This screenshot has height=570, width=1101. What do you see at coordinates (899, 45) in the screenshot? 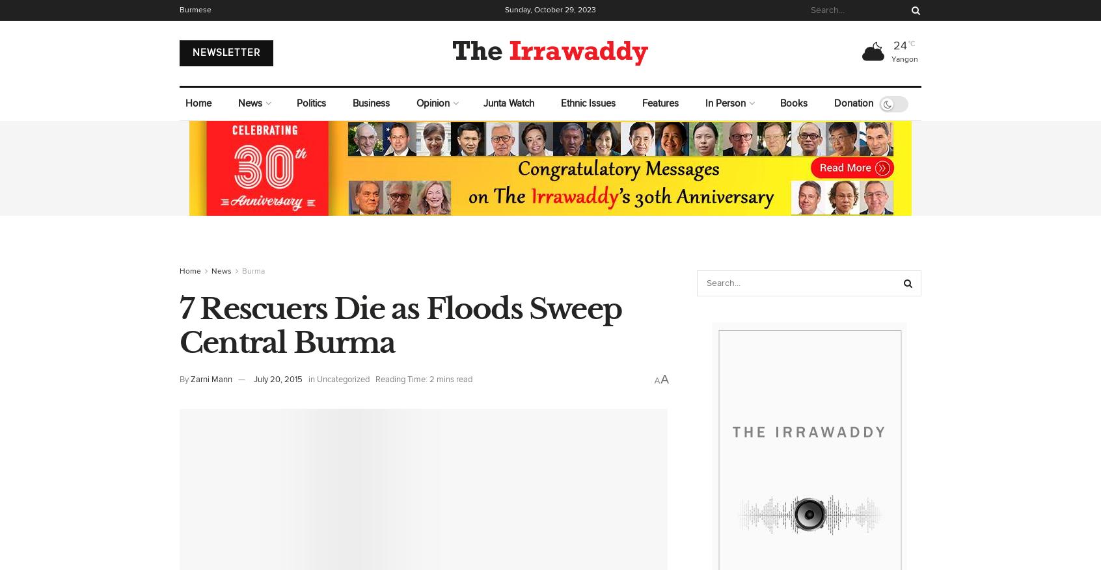
I see `'24'` at bounding box center [899, 45].